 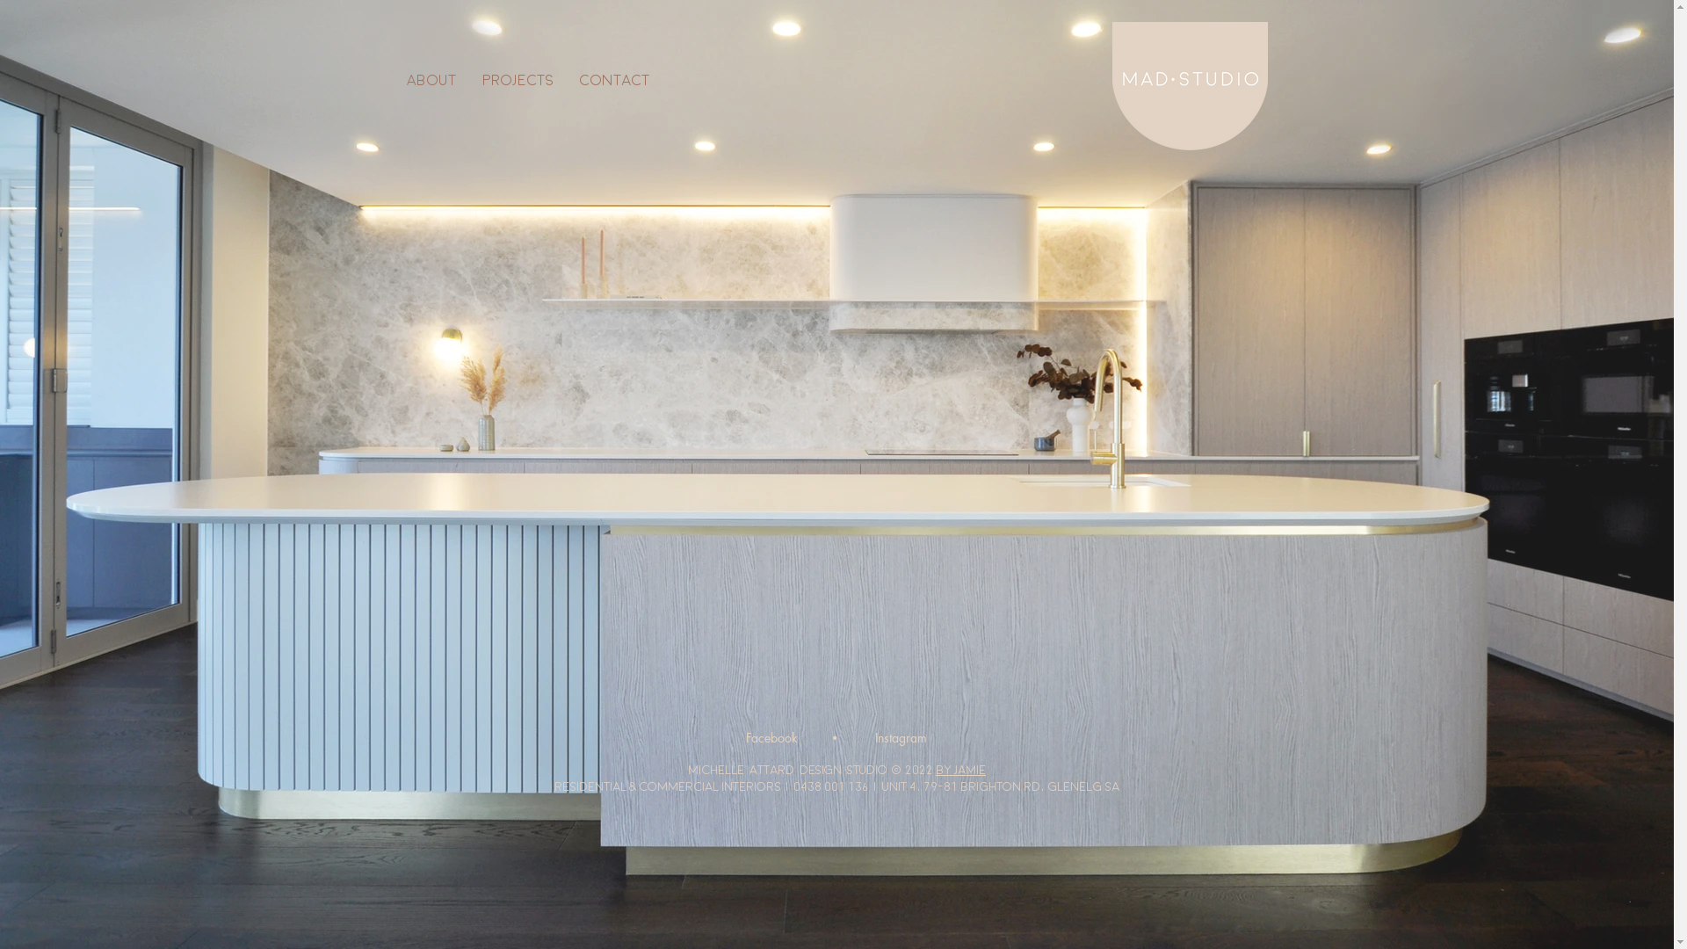 I want to click on 'Facebook', so click(x=771, y=738).